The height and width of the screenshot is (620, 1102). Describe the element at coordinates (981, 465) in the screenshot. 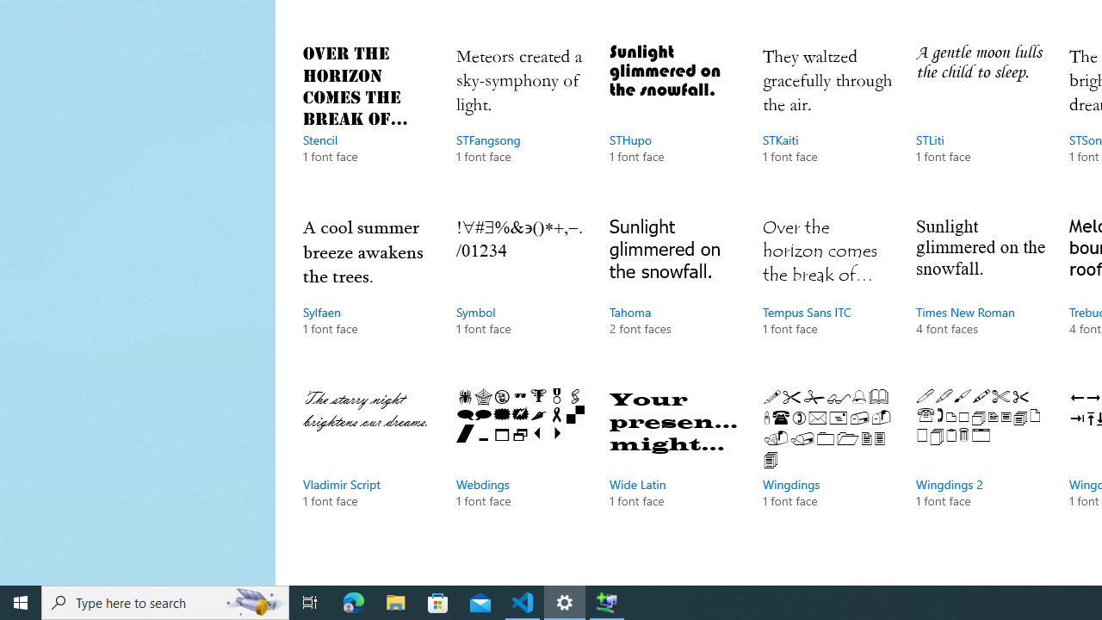

I see `'Wingdings 2, 1 font face'` at that location.